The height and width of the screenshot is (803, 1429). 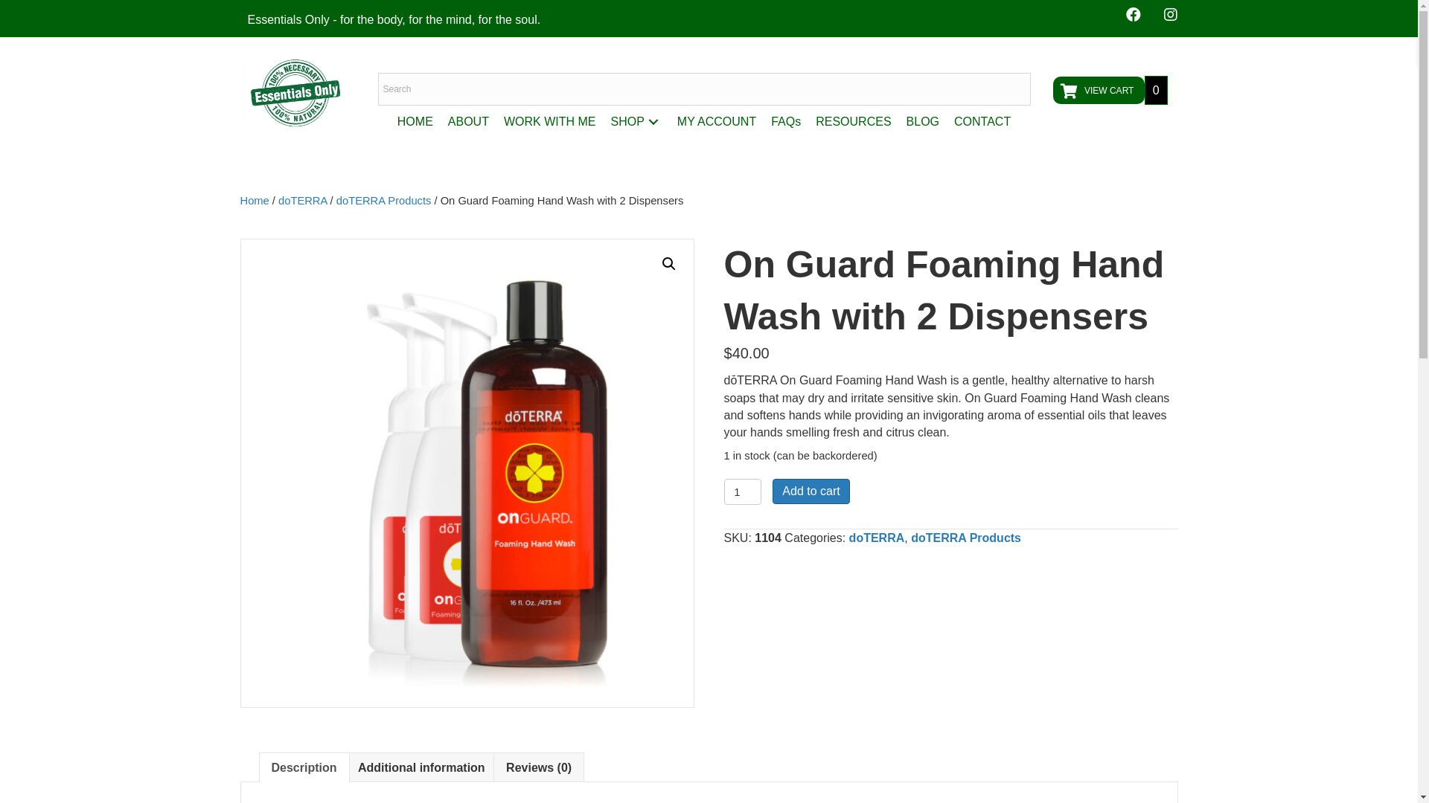 What do you see at coordinates (921, 120) in the screenshot?
I see `'BLOG'` at bounding box center [921, 120].